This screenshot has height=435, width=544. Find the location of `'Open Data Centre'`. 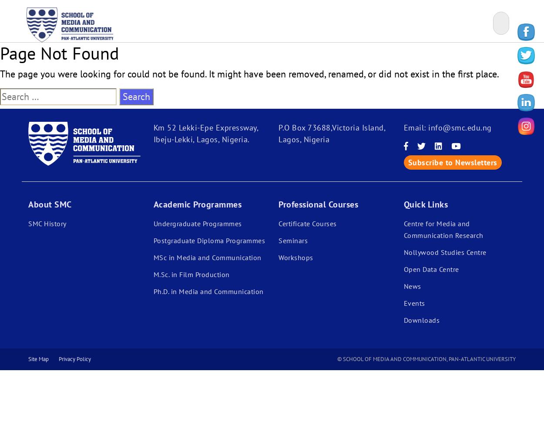

'Open Data Centre' is located at coordinates (403, 269).